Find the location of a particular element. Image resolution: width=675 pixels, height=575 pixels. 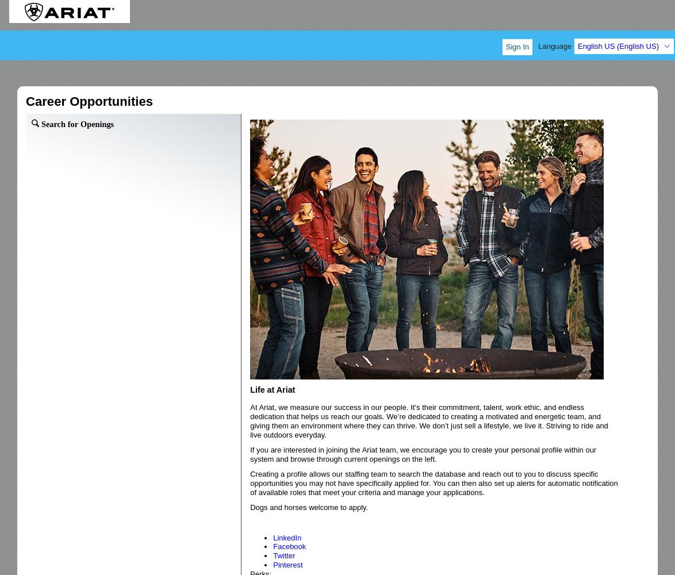

'Career Opportunities' is located at coordinates (89, 101).